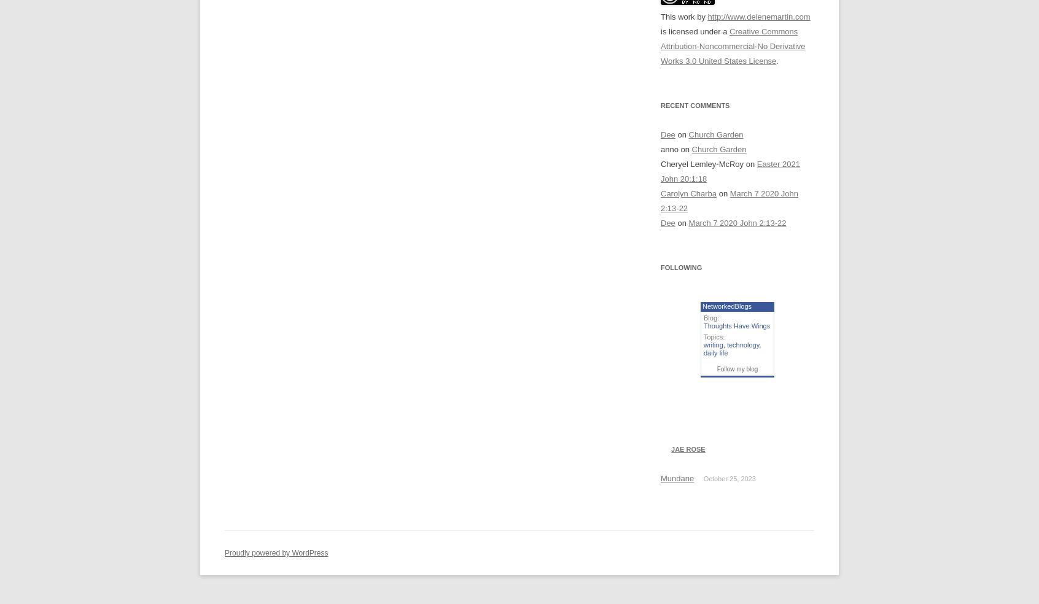  Describe the element at coordinates (710, 317) in the screenshot. I see `'Blog:'` at that location.